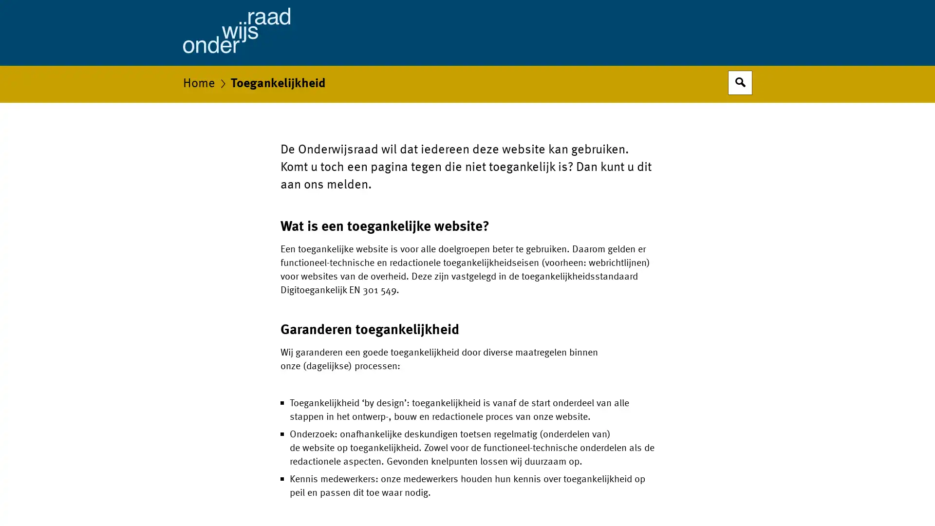  What do you see at coordinates (740, 82) in the screenshot?
I see `Open zoekveld` at bounding box center [740, 82].